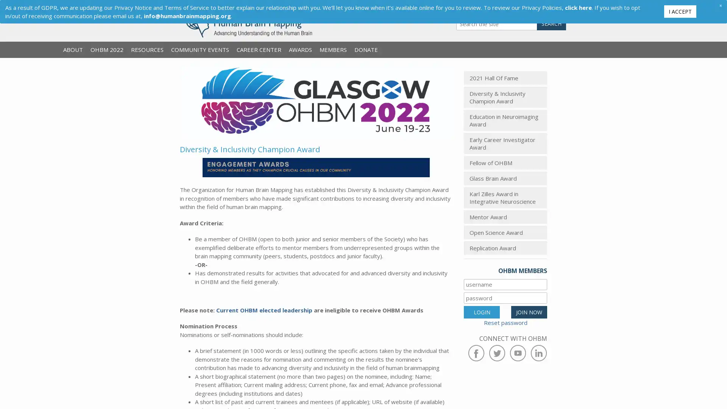  What do you see at coordinates (680, 11) in the screenshot?
I see `I ACCEPT` at bounding box center [680, 11].